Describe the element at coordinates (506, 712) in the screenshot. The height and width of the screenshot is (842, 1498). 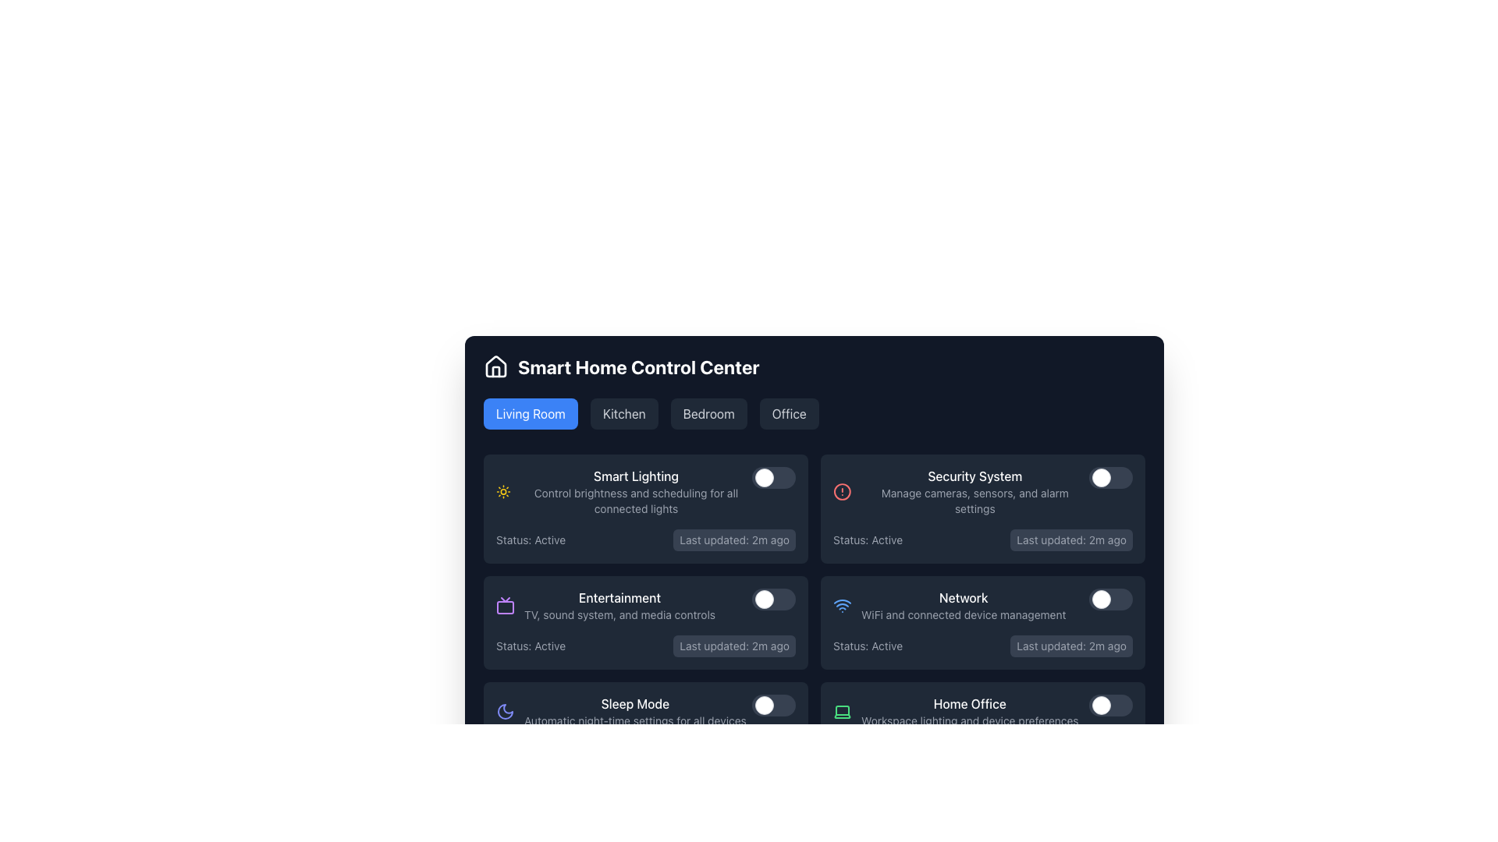
I see `the moon icon styled as an SVG graphic located above the 'Sleep Mode' label in the settings area` at that location.